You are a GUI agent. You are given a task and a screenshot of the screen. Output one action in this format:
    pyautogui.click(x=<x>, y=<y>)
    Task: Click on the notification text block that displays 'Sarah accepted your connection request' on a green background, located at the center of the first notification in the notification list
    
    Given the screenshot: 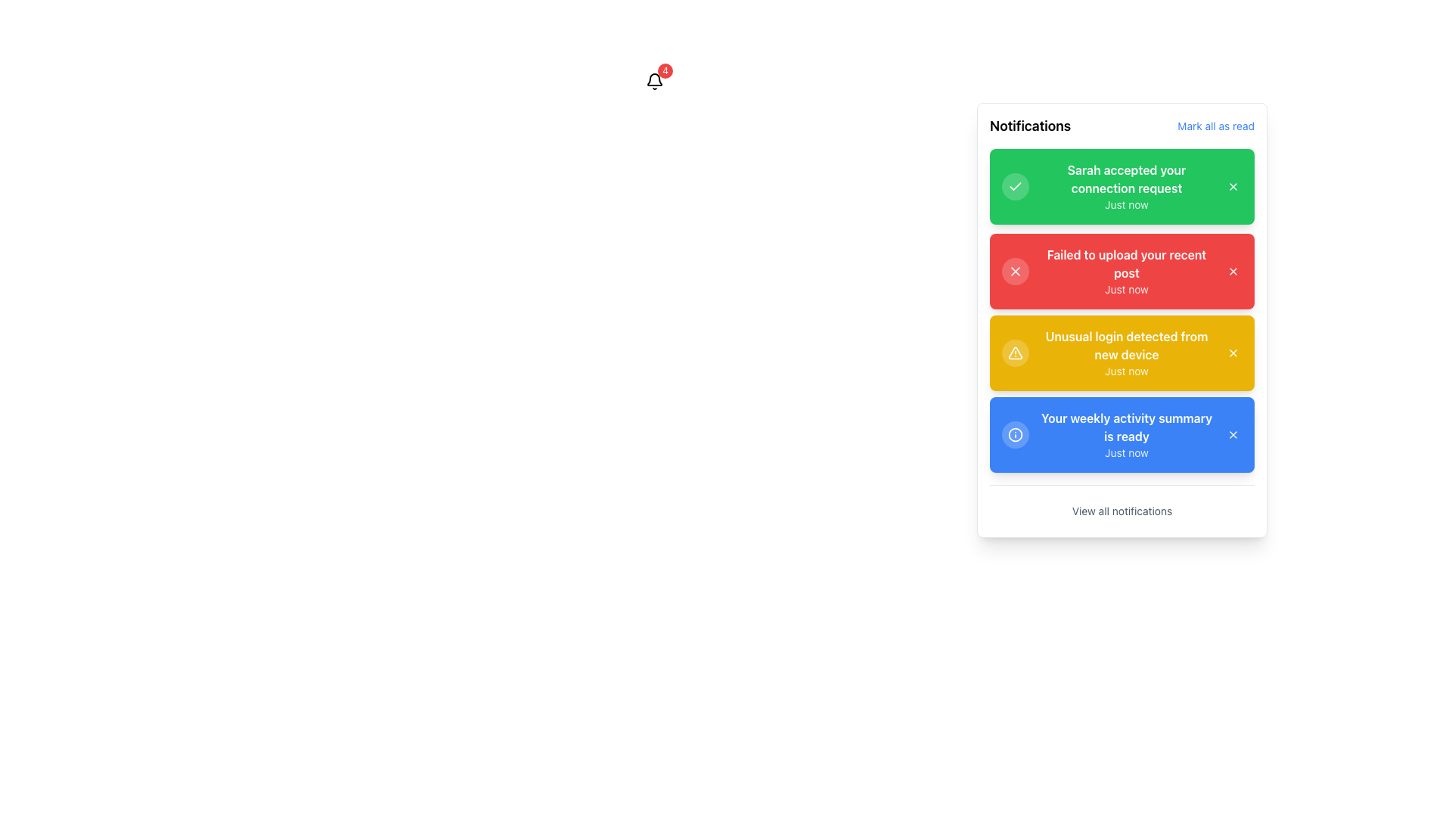 What is the action you would take?
    pyautogui.click(x=1126, y=185)
    